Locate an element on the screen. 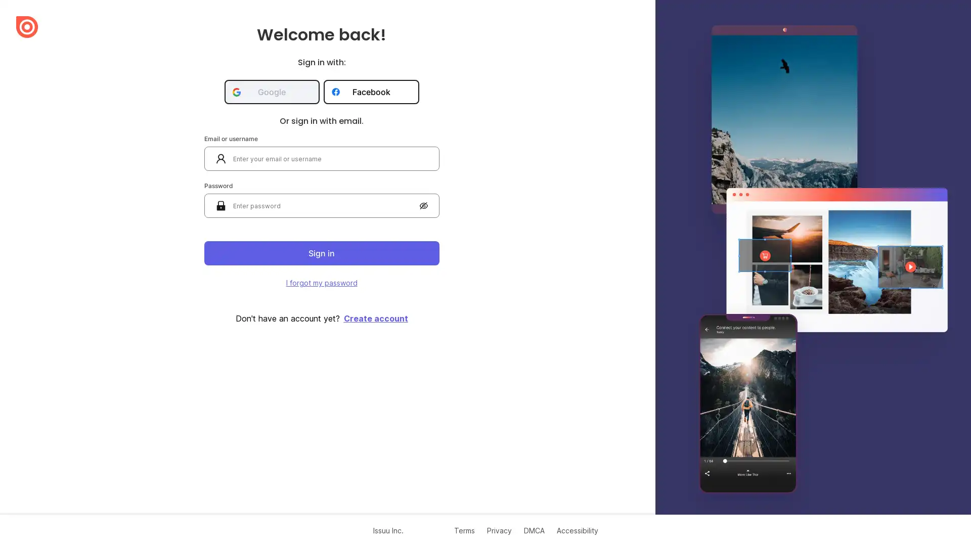 This screenshot has height=546, width=971. Google is located at coordinates (272, 92).